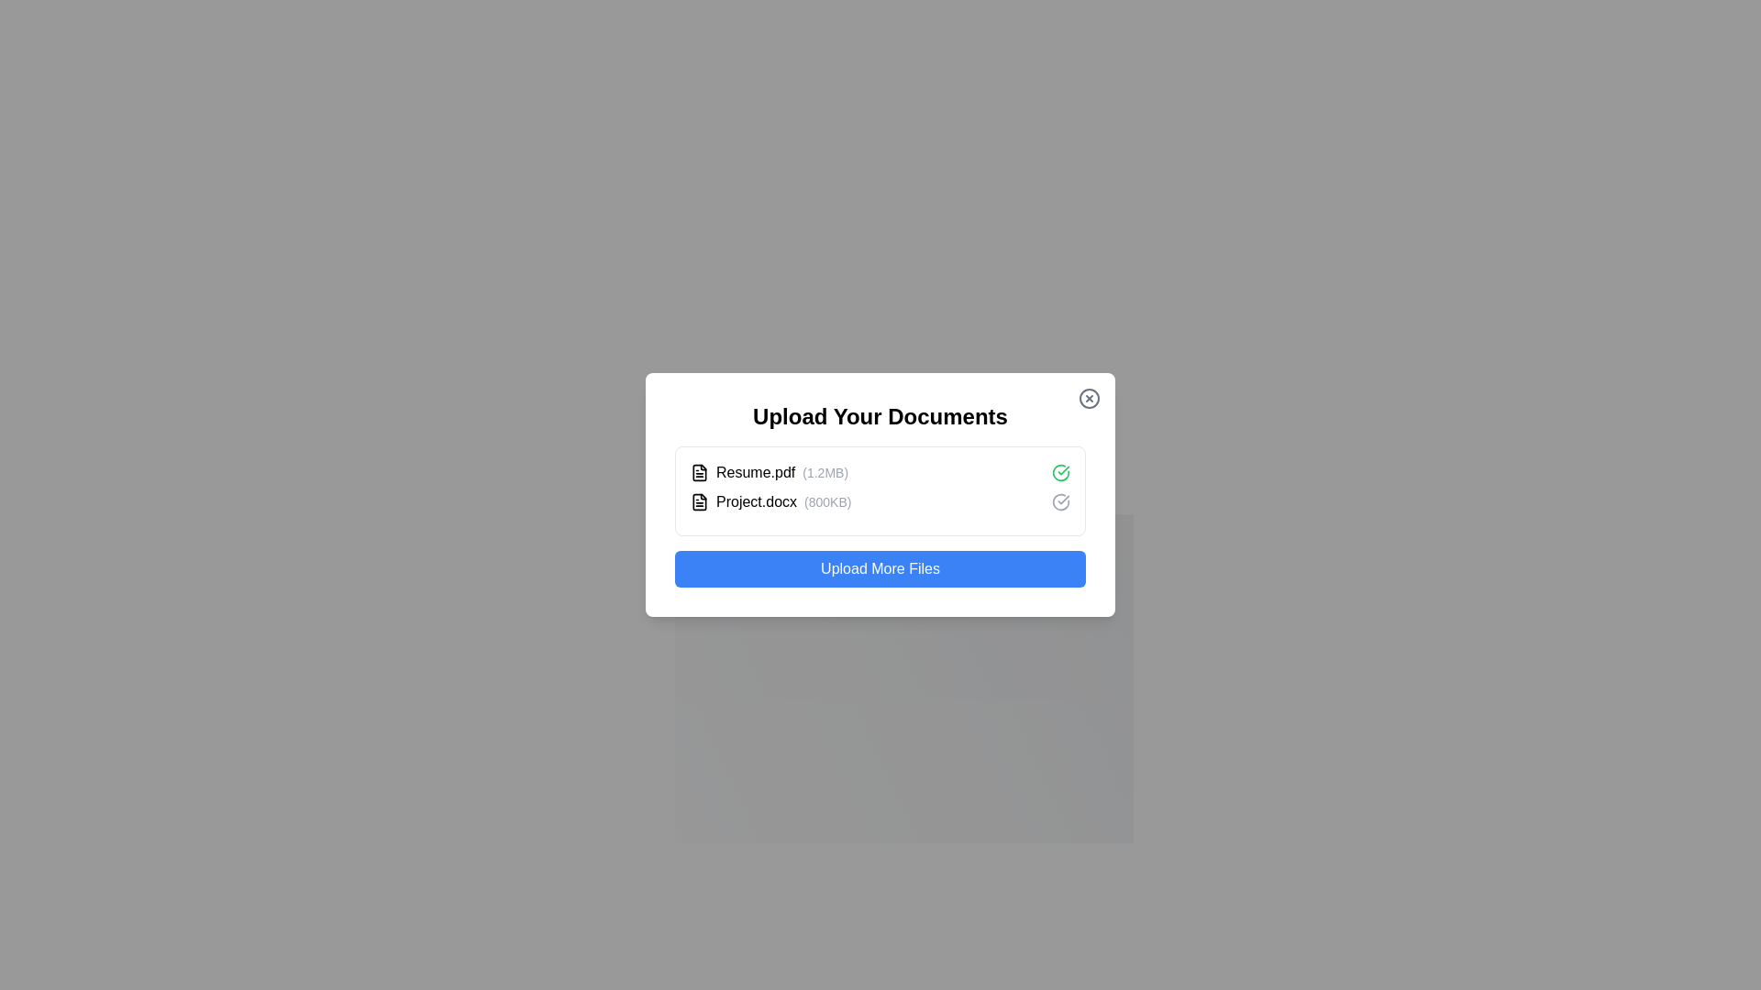 The width and height of the screenshot is (1761, 990). Describe the element at coordinates (1090, 398) in the screenshot. I see `the small circular icon with an 'X' symbol in the top-right corner of the modal` at that location.